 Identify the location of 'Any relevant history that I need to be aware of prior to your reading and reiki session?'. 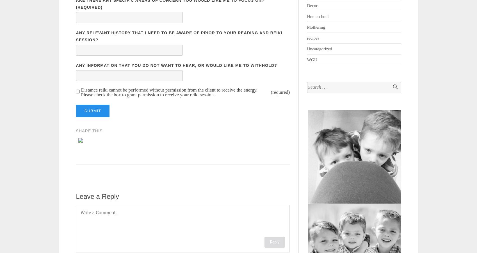
(179, 36).